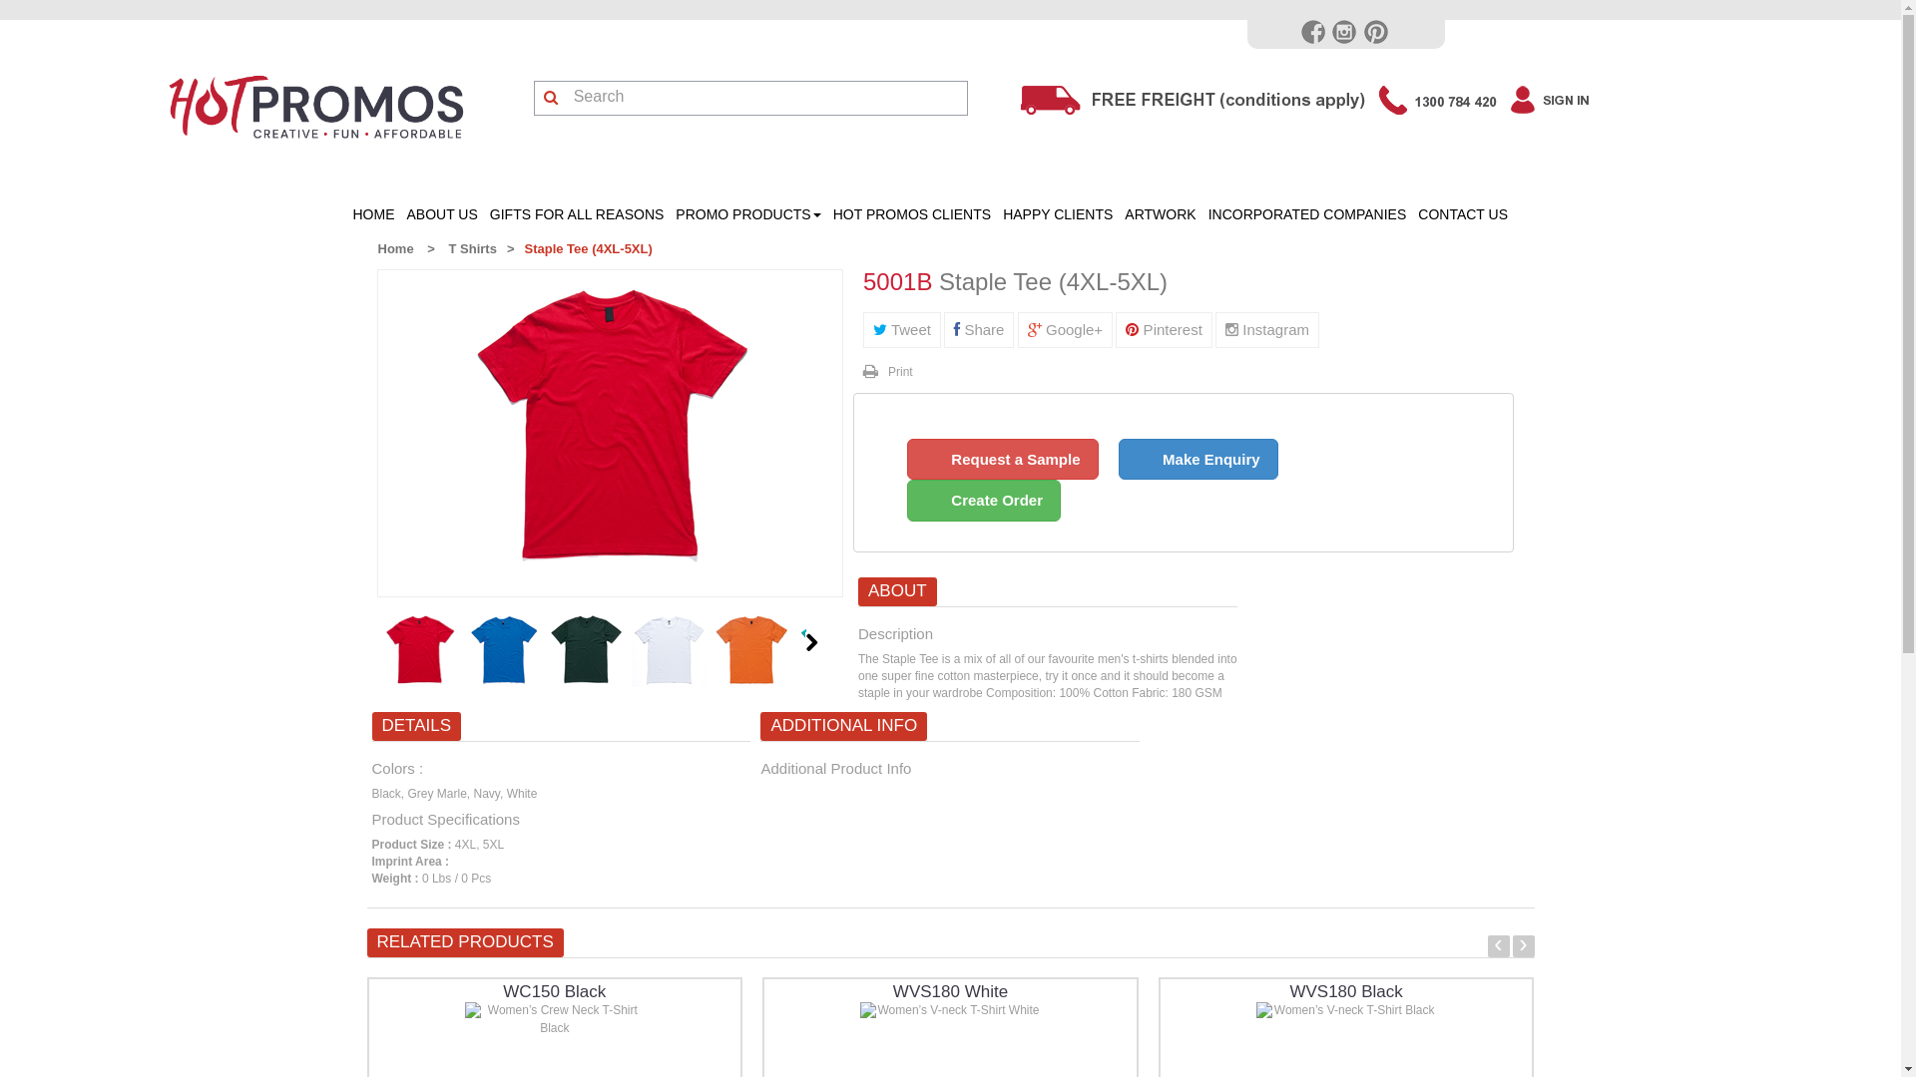 This screenshot has width=1916, height=1077. What do you see at coordinates (471, 247) in the screenshot?
I see `'T Shirts'` at bounding box center [471, 247].